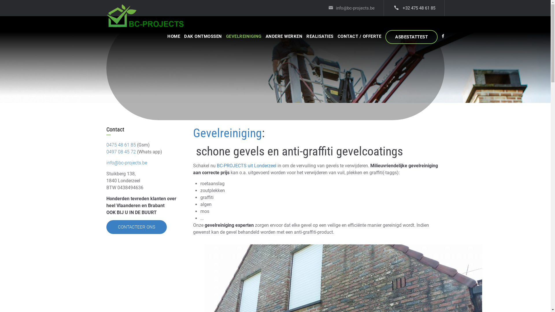 The height and width of the screenshot is (312, 555). I want to click on '+32 475 48 61 85', so click(394, 8).